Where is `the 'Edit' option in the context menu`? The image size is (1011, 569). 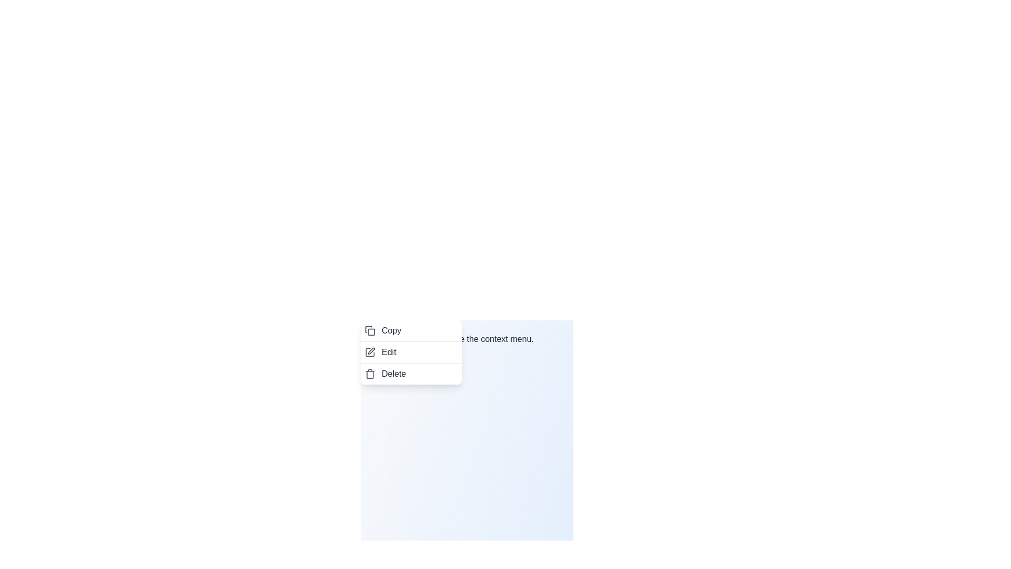 the 'Edit' option in the context menu is located at coordinates (411, 351).